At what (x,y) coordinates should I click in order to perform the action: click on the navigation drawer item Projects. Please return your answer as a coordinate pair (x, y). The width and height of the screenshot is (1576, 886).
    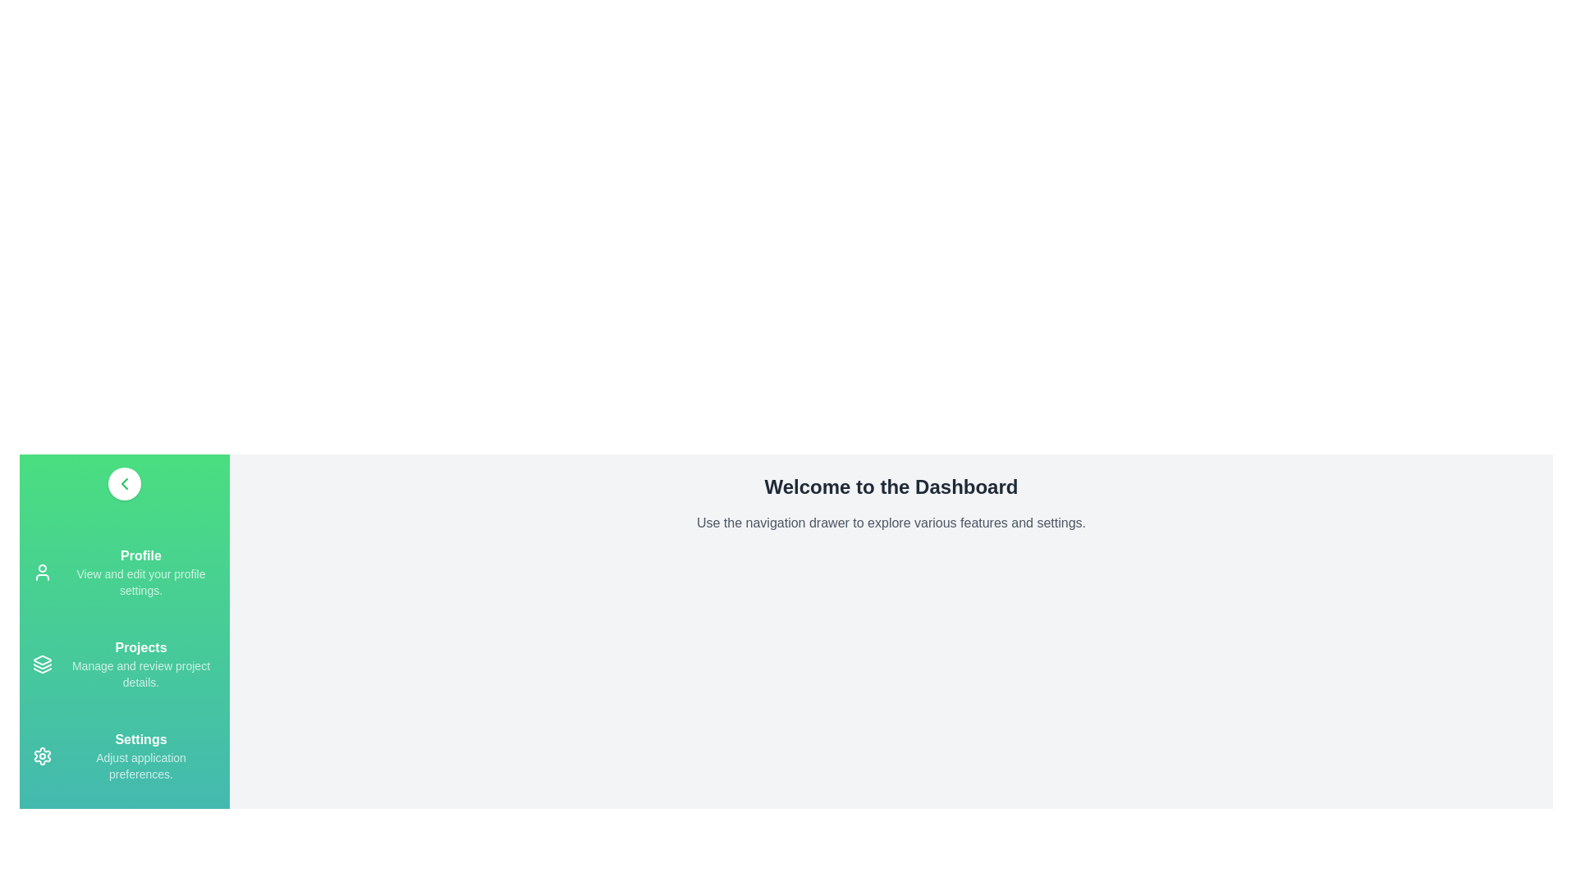
    Looking at the image, I should click on (43, 664).